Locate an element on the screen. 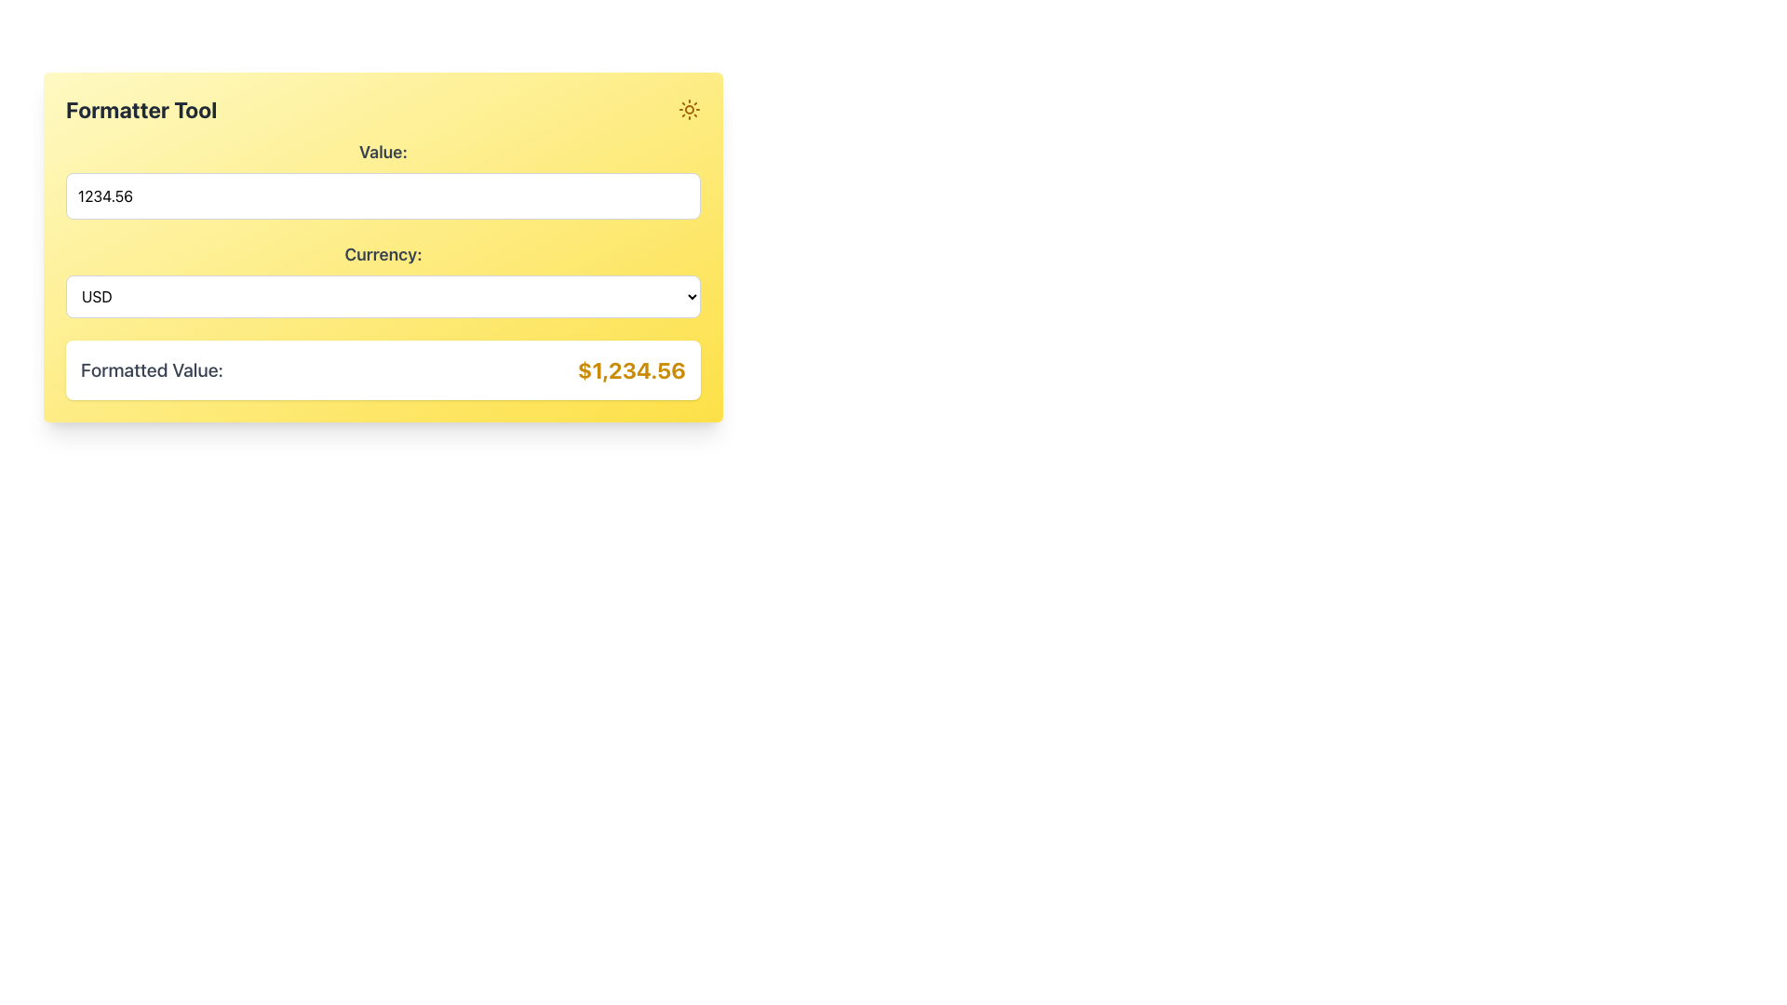 Image resolution: width=1787 pixels, height=1005 pixels. the rectangular text input box with a light border and rounded corners, which contains the numeric value '1234.56', located directly below the 'Value:' label is located at coordinates (383, 179).